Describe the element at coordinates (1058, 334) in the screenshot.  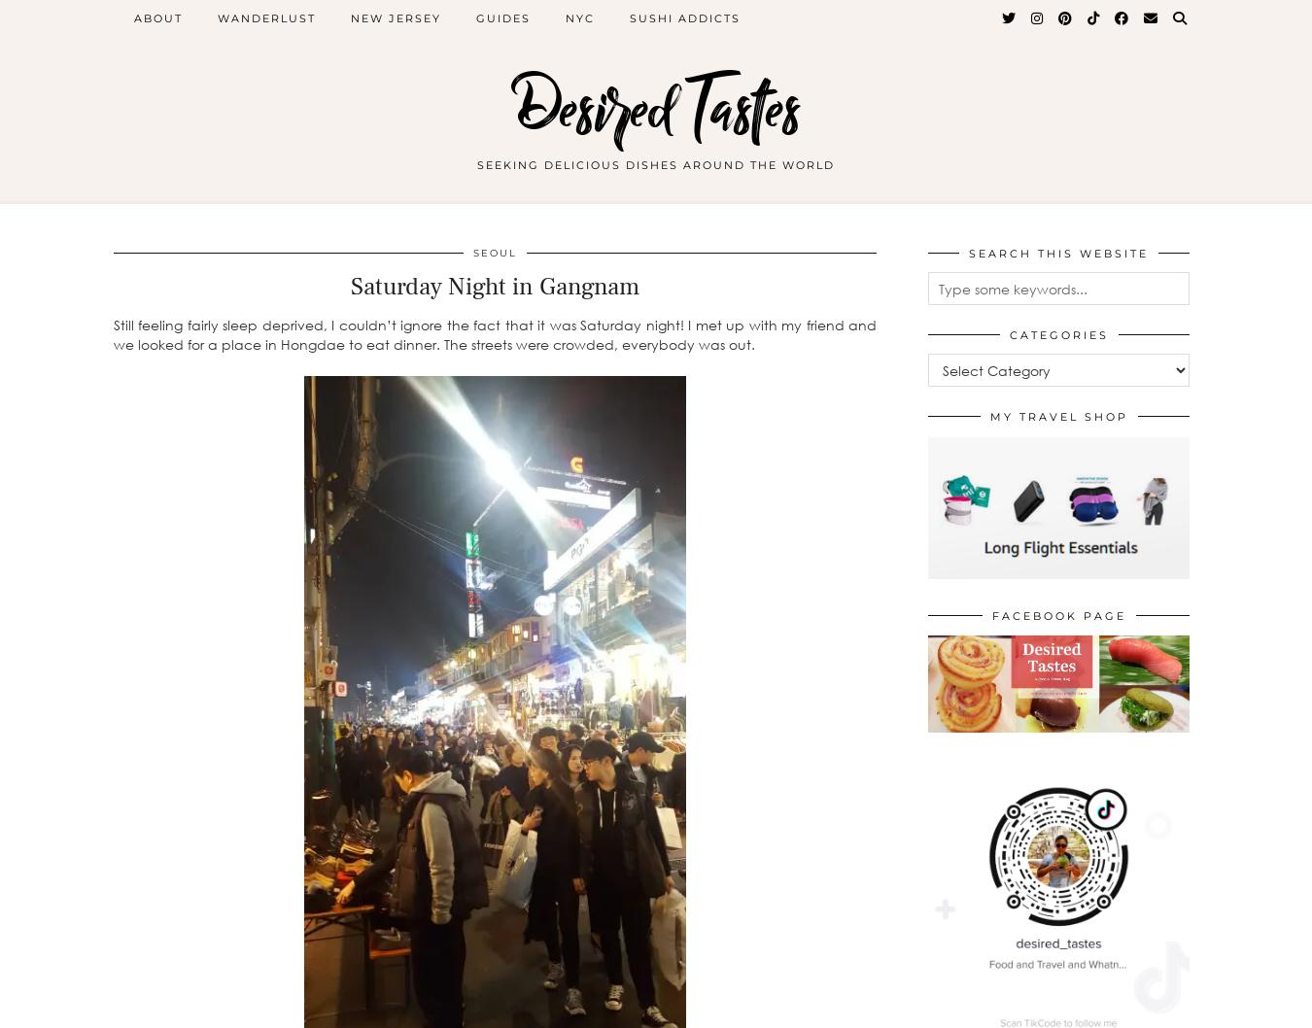
I see `'Categories'` at that location.